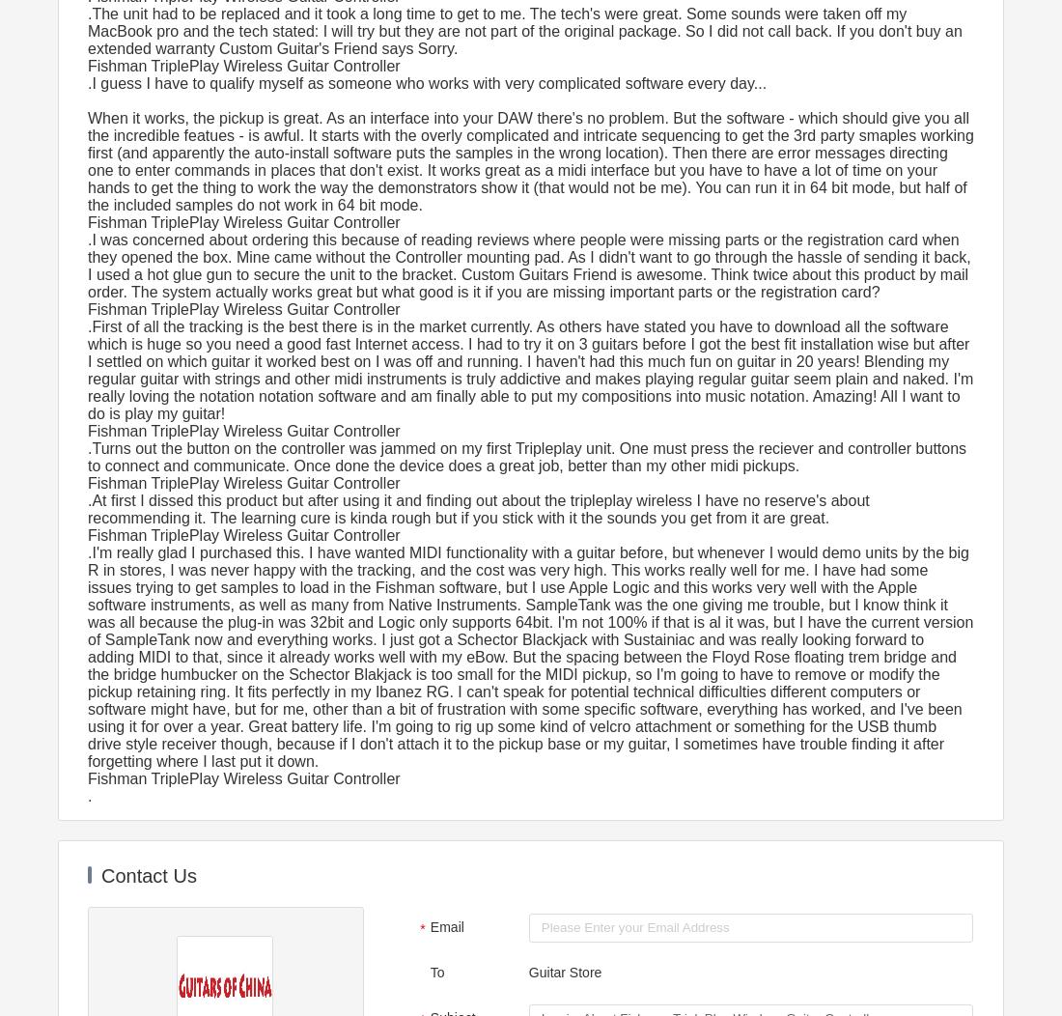 This screenshot has height=1016, width=1062. I want to click on '.I was concerned about ordering this because of reading reviews where people were missing parts or the registration card when they opened the box. Mine came without the Controller mounting pad. As I didn't want to go through the hassle of sending it back, I used a hot glue gun to secure the unit to the bracket. Custom Guitars Friend is awesome. Think twice about this product by mail order. The system actually works great but what good is it if you are missing important parts or the registration card?', so click(529, 266).